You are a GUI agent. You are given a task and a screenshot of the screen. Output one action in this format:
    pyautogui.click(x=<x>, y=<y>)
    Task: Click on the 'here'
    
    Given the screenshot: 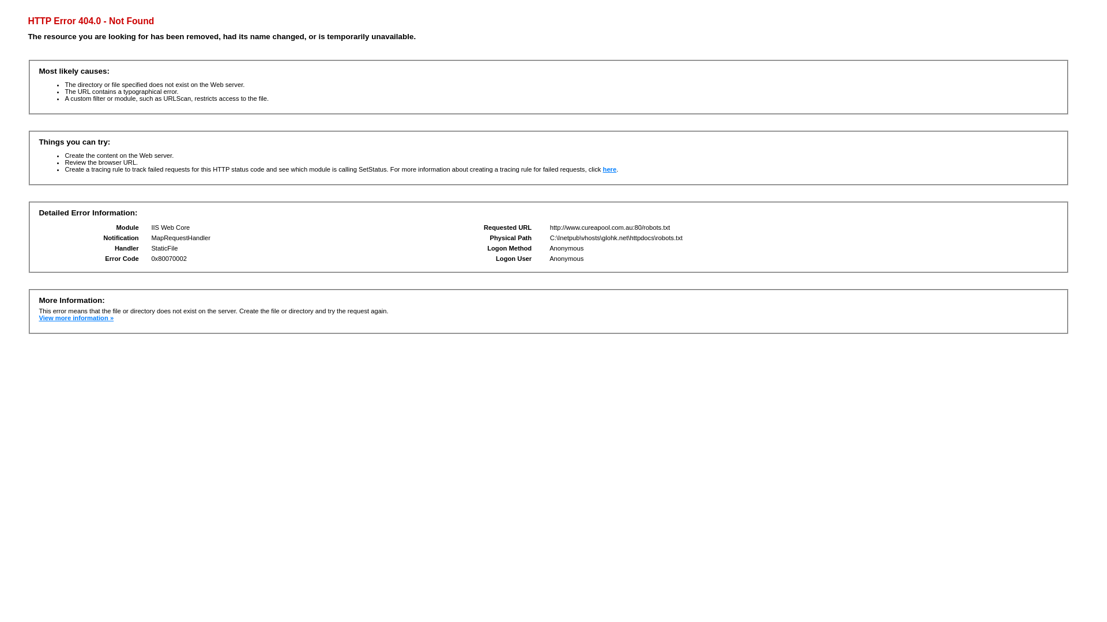 What is the action you would take?
    pyautogui.click(x=609, y=169)
    